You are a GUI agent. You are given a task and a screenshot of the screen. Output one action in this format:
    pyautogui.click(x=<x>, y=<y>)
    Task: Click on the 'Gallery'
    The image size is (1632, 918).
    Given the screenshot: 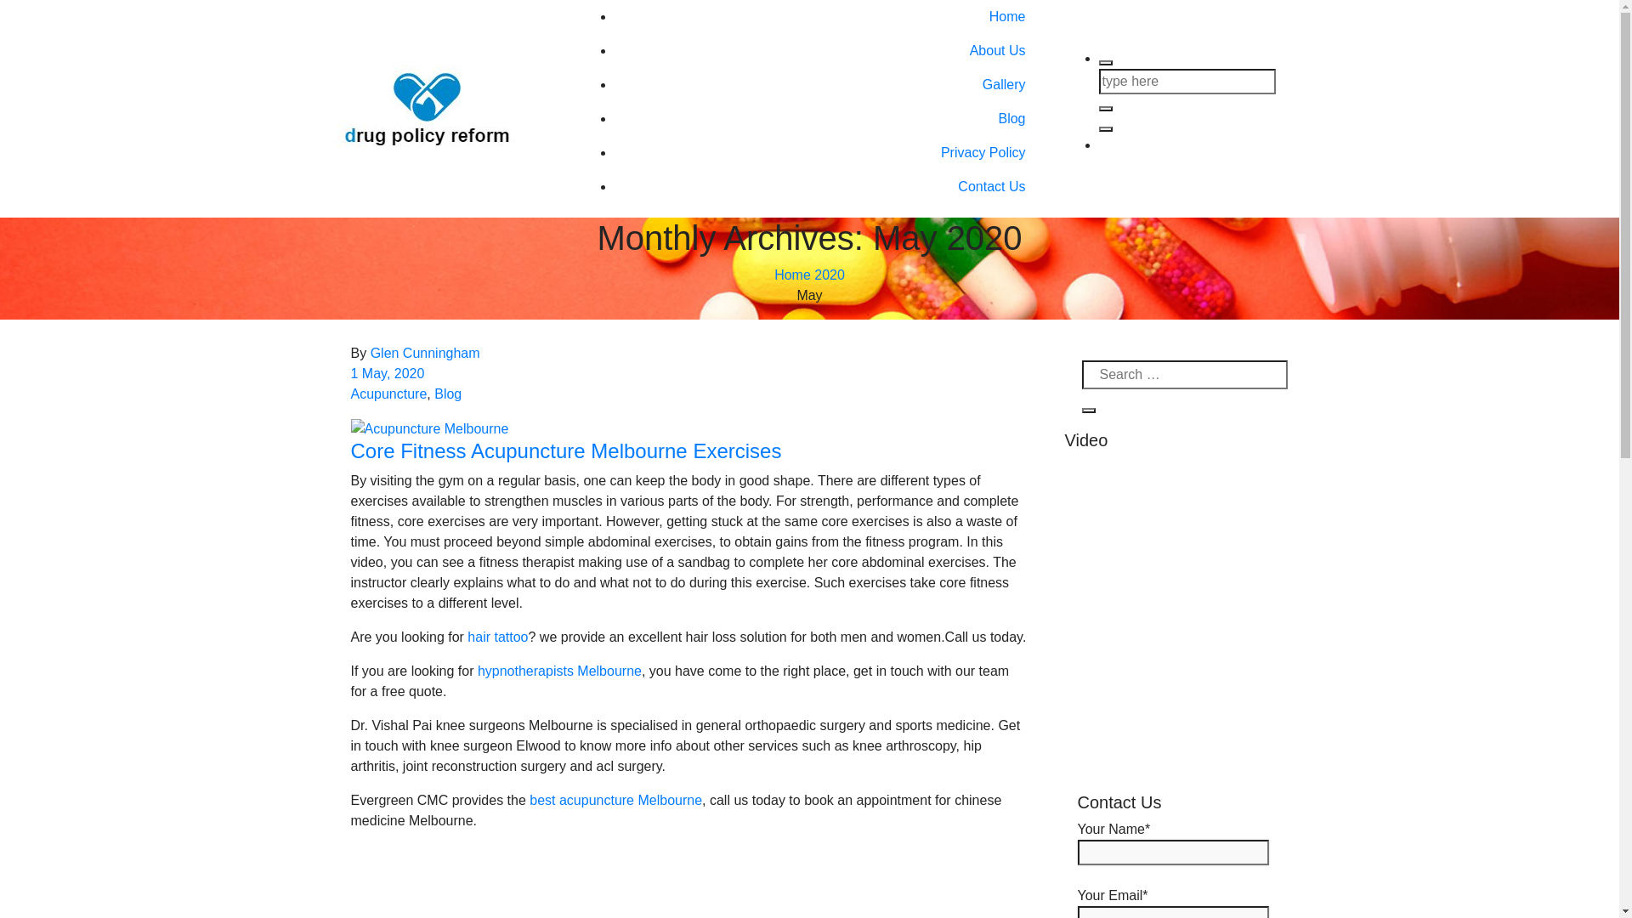 What is the action you would take?
    pyautogui.click(x=825, y=85)
    